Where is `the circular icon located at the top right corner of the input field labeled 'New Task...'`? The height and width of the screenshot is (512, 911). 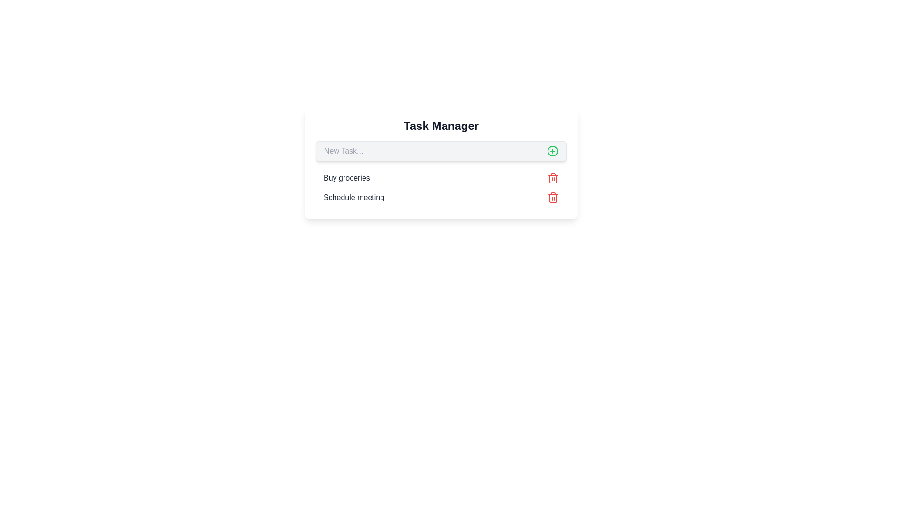 the circular icon located at the top right corner of the input field labeled 'New Task...' is located at coordinates (553, 151).